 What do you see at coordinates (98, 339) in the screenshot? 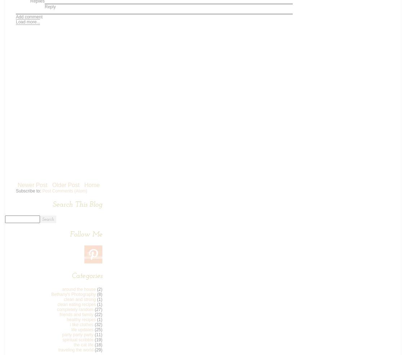
I see `'(19)'` at bounding box center [98, 339].